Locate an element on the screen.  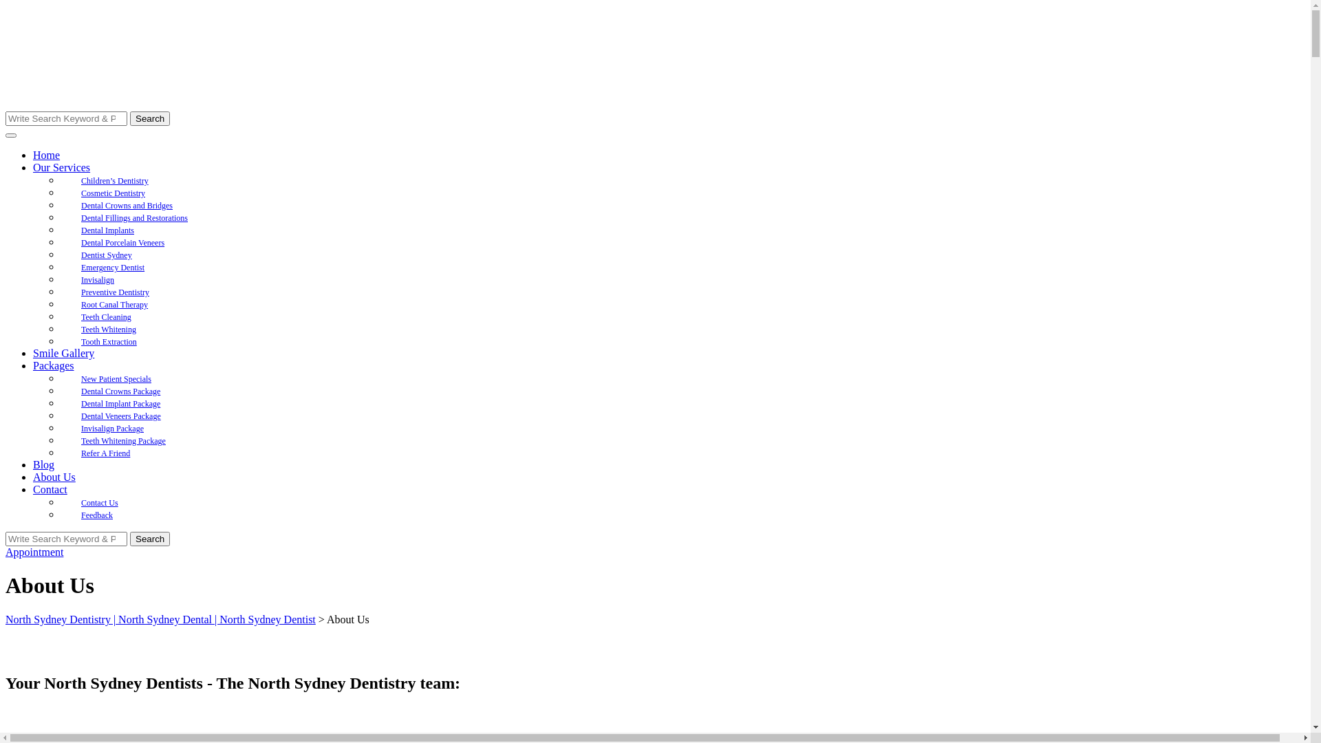
'Dental Implants' is located at coordinates (107, 230).